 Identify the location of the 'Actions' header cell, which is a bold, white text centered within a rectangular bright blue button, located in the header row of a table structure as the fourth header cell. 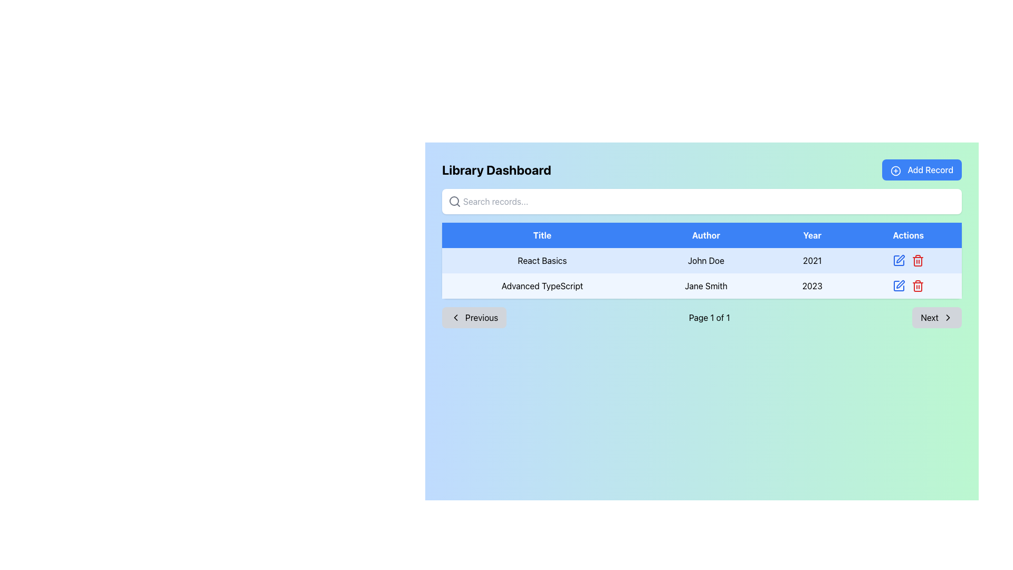
(907, 235).